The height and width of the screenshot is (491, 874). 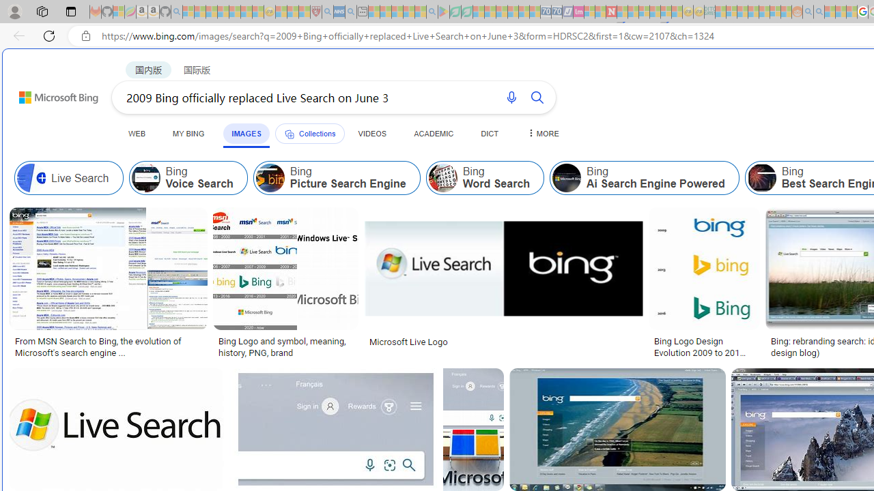 I want to click on 'Bing Ai Search Engine Powered', so click(x=644, y=177).